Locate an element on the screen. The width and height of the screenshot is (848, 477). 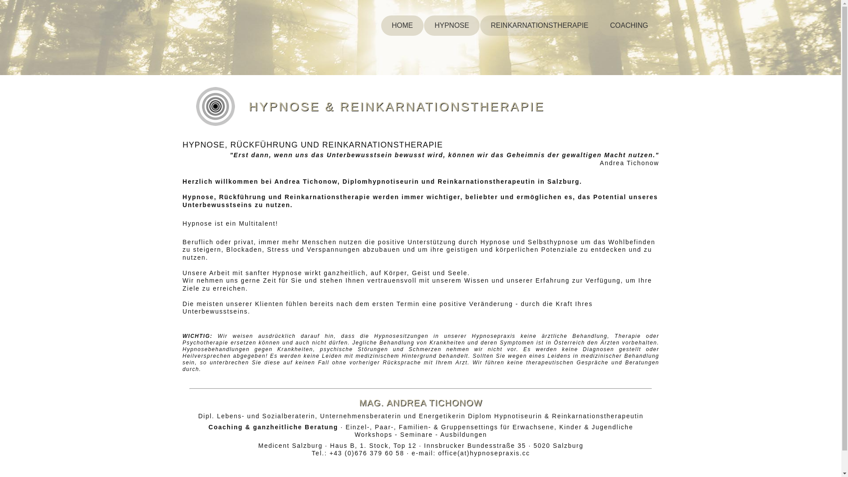
'HYPNOSE' is located at coordinates (424, 25).